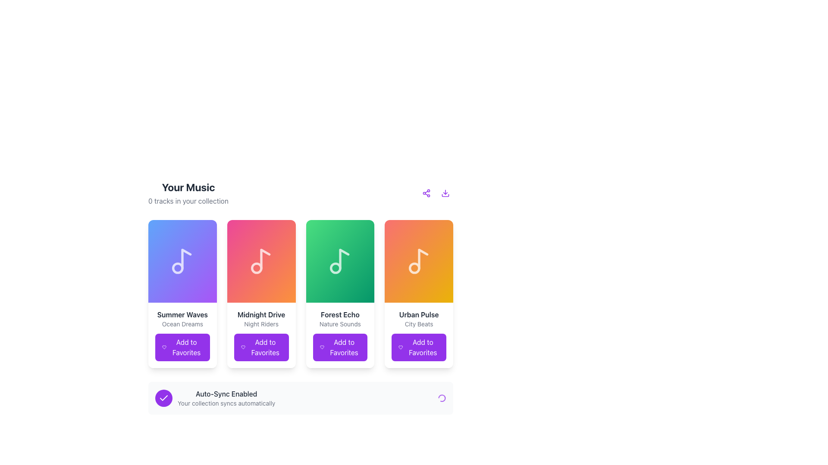 Image resolution: width=828 pixels, height=465 pixels. Describe the element at coordinates (260, 260) in the screenshot. I see `the music album or track card, which is the second card in a horizontally arranged list of four elements` at that location.